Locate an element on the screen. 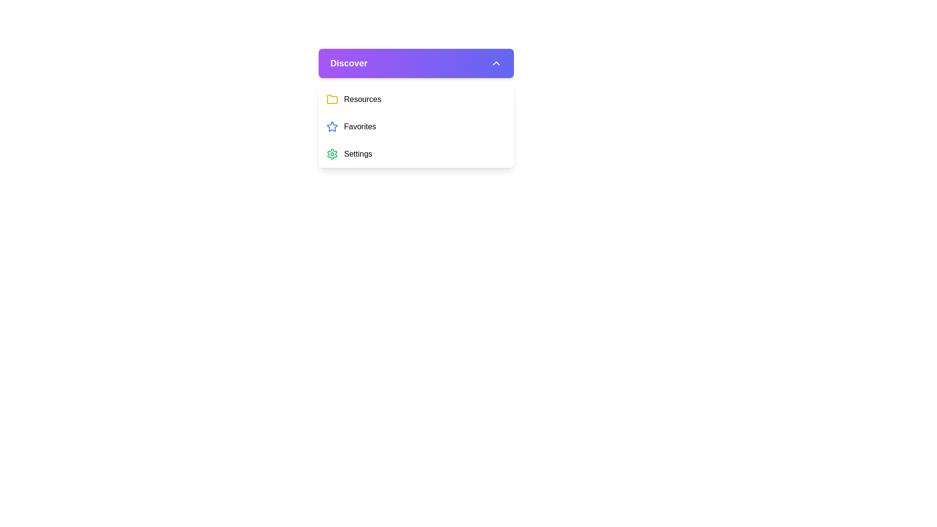  the gear-shaped settings icon, which is vibrant green and located in the 'Discover' menu is located at coordinates (332, 154).